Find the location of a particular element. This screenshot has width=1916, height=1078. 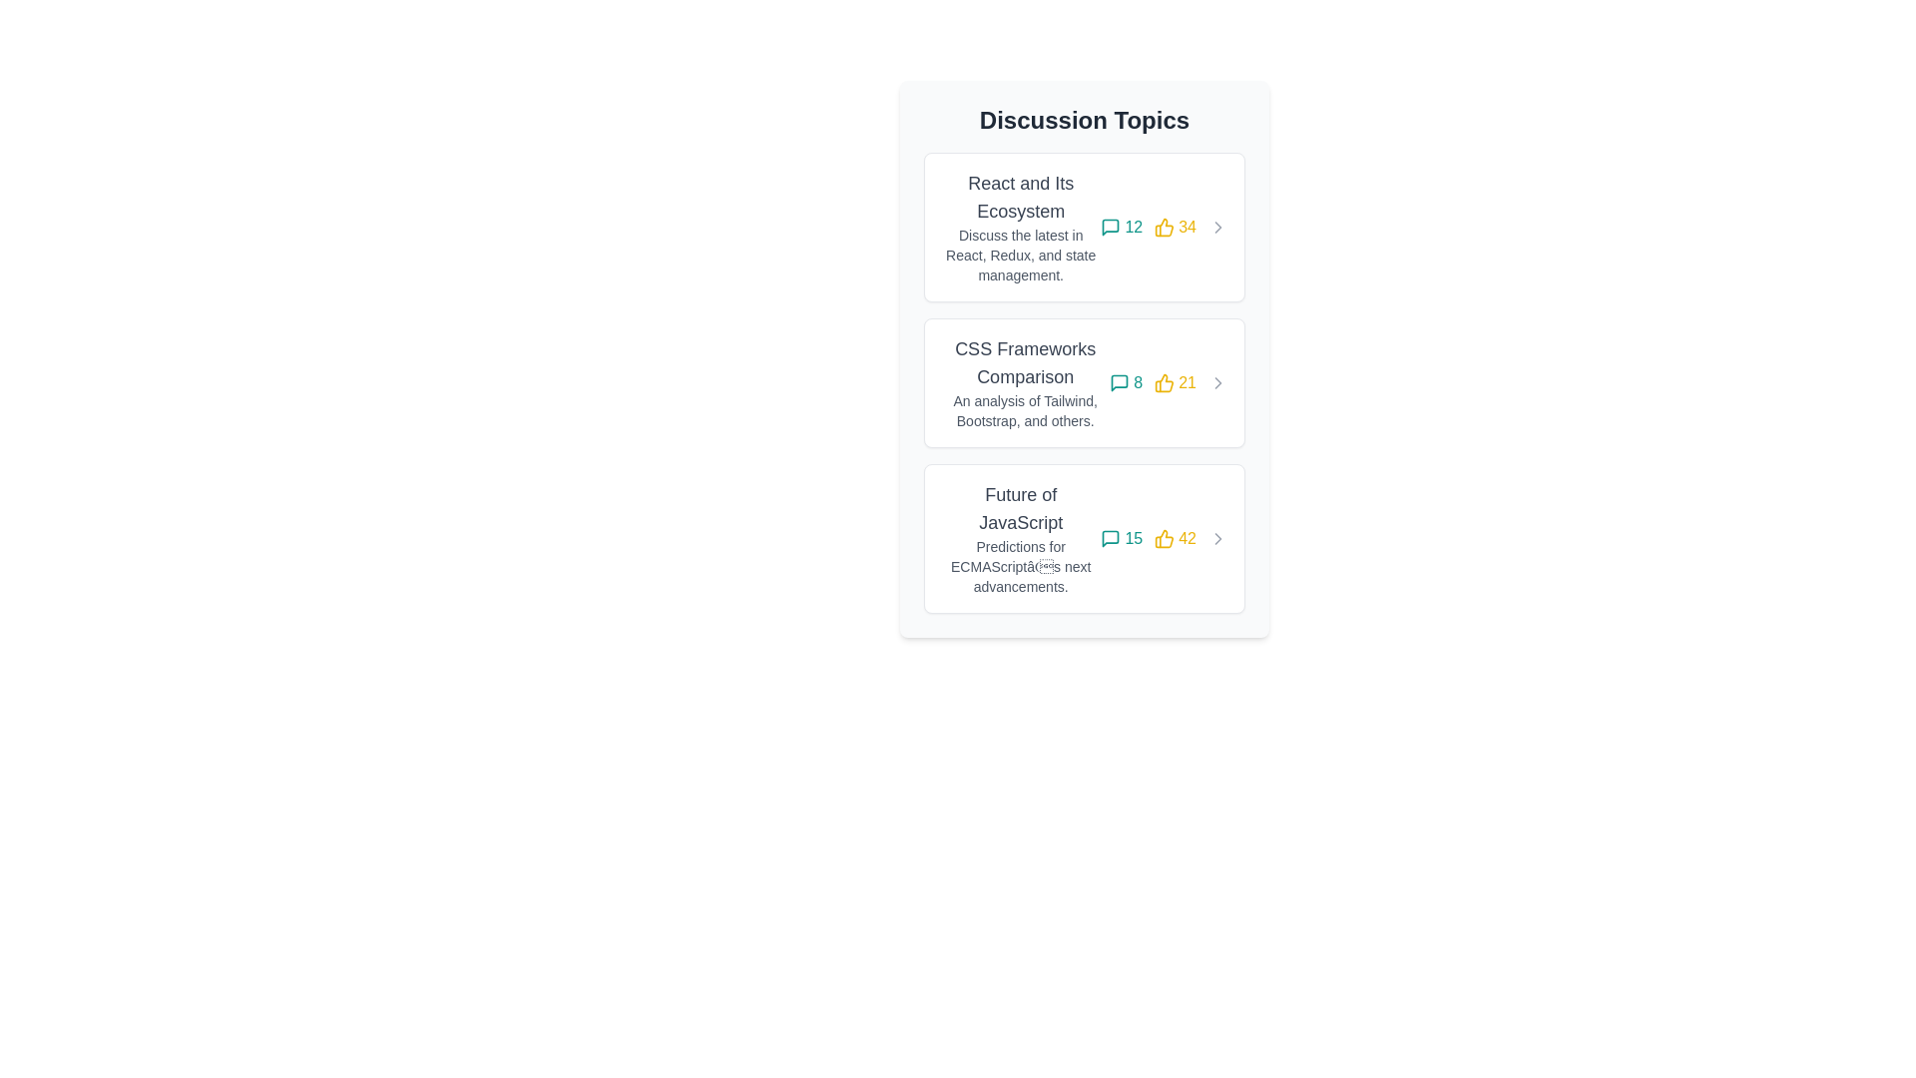

the combined icon and text element displaying the likes count to associate the thumbs-up icon with the count is located at coordinates (1176, 383).